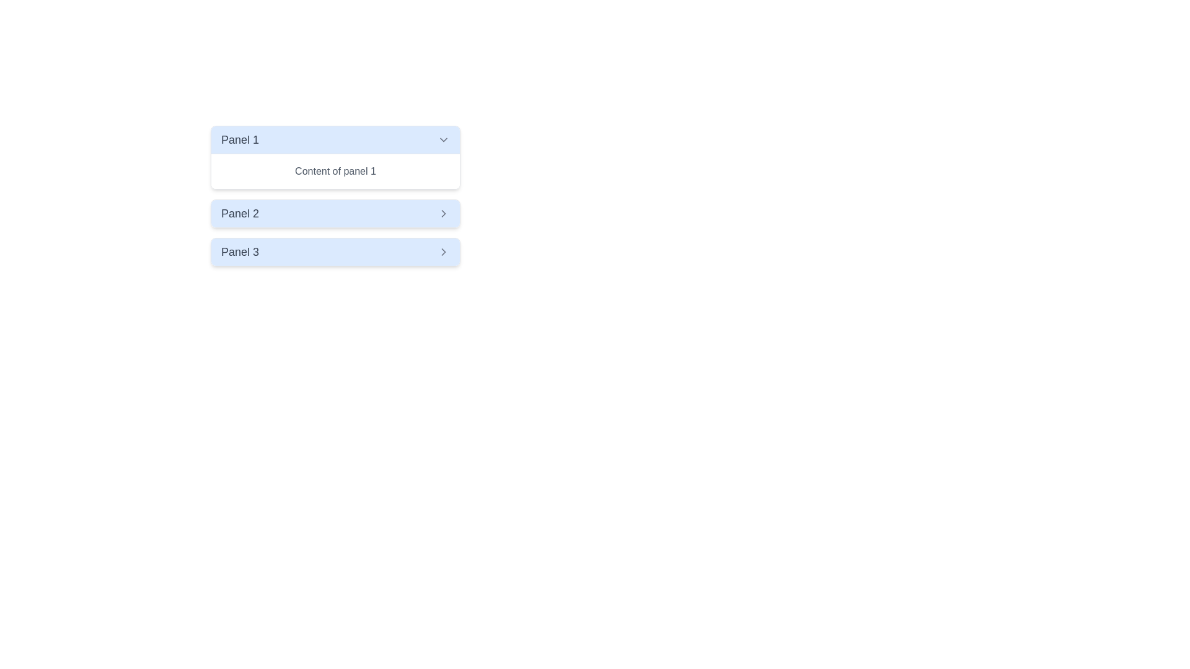 This screenshot has height=669, width=1190. What do you see at coordinates (335, 139) in the screenshot?
I see `the Collapsible panel toggle for 'Panel 1'` at bounding box center [335, 139].